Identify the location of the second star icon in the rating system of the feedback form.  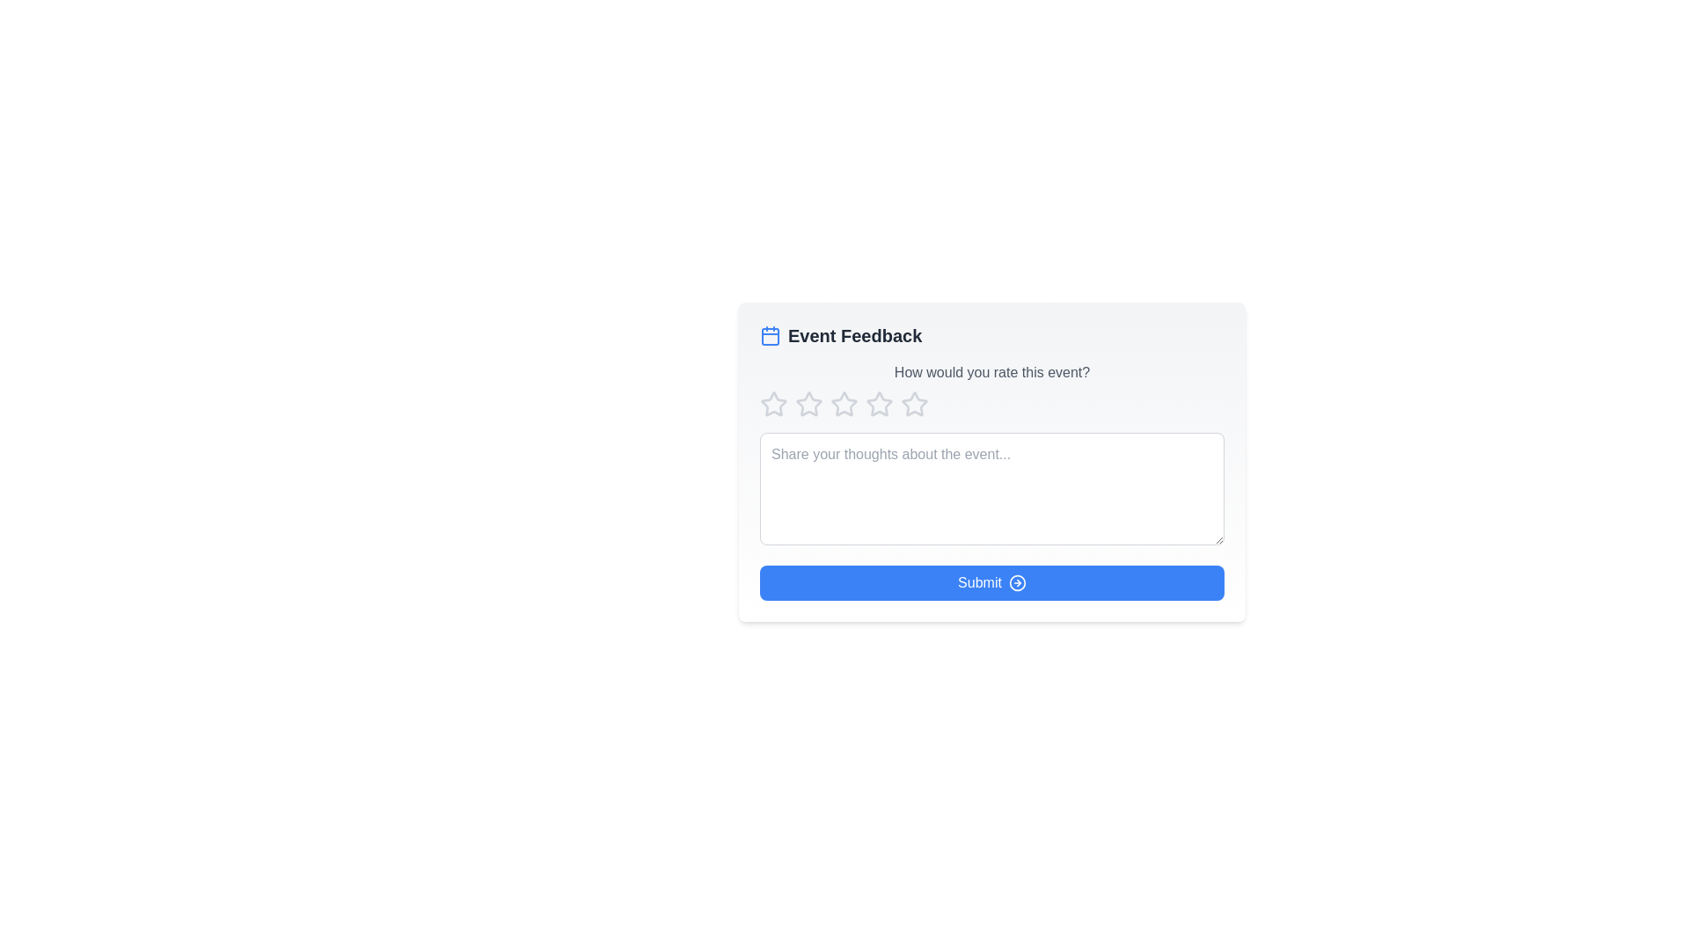
(808, 404).